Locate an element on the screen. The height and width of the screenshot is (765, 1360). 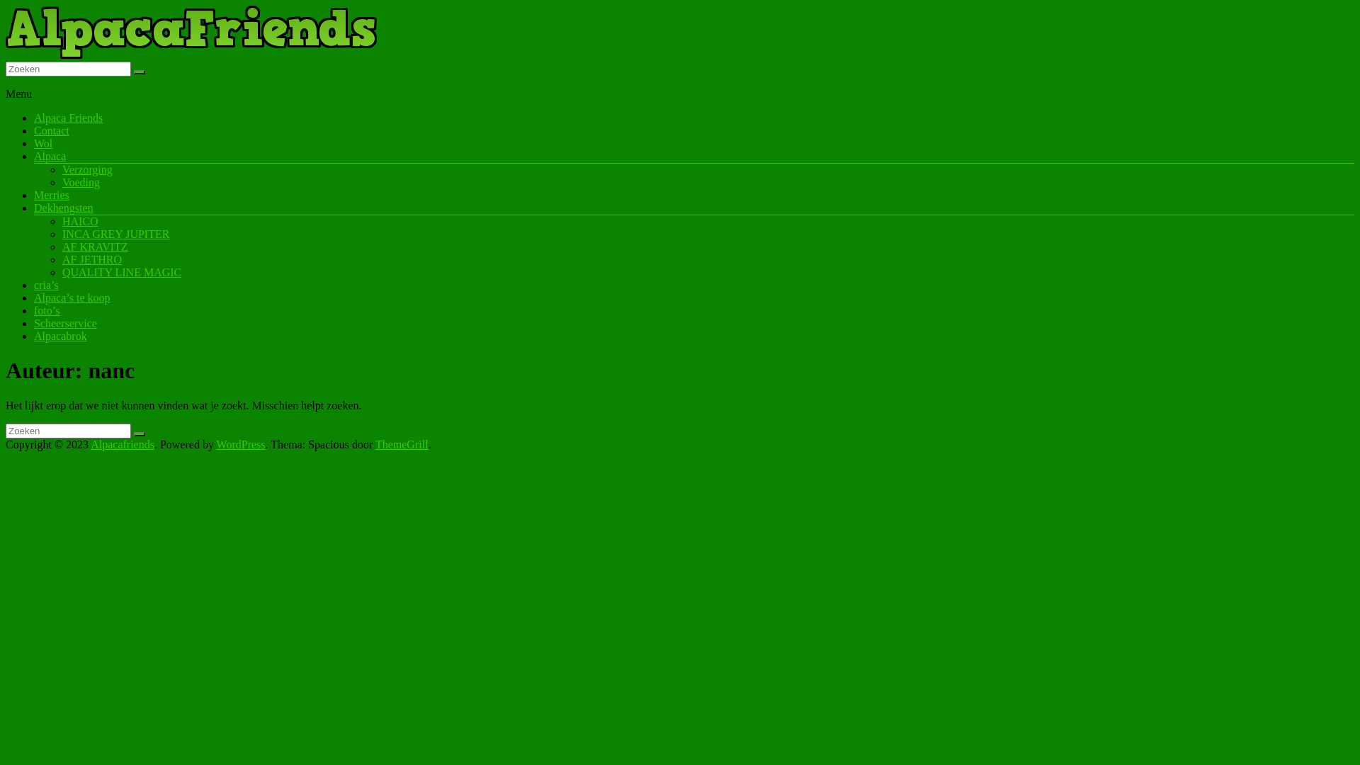
'Alpaca' is located at coordinates (50, 156).